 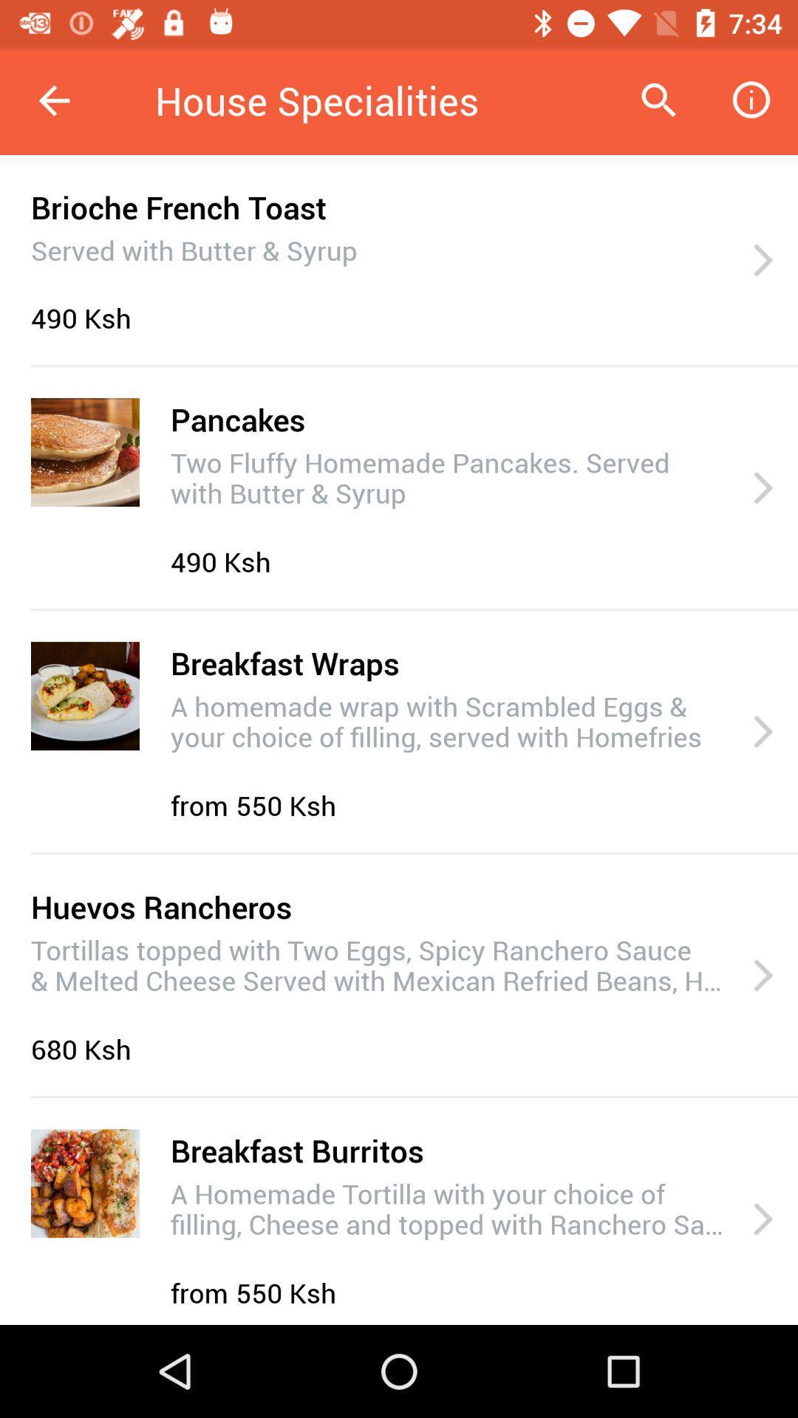 What do you see at coordinates (85, 1048) in the screenshot?
I see `the item below tortillas topped with item` at bounding box center [85, 1048].